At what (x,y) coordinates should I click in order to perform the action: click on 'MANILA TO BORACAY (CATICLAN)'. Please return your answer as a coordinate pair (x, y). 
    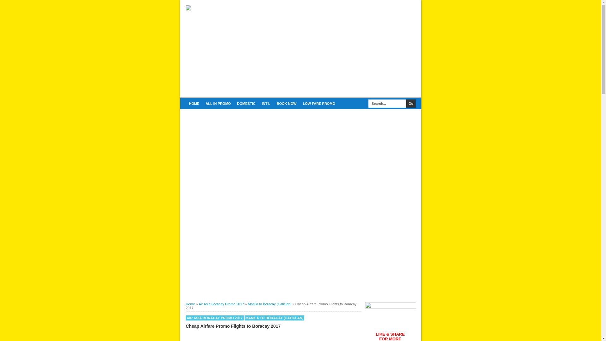
    Looking at the image, I should click on (274, 318).